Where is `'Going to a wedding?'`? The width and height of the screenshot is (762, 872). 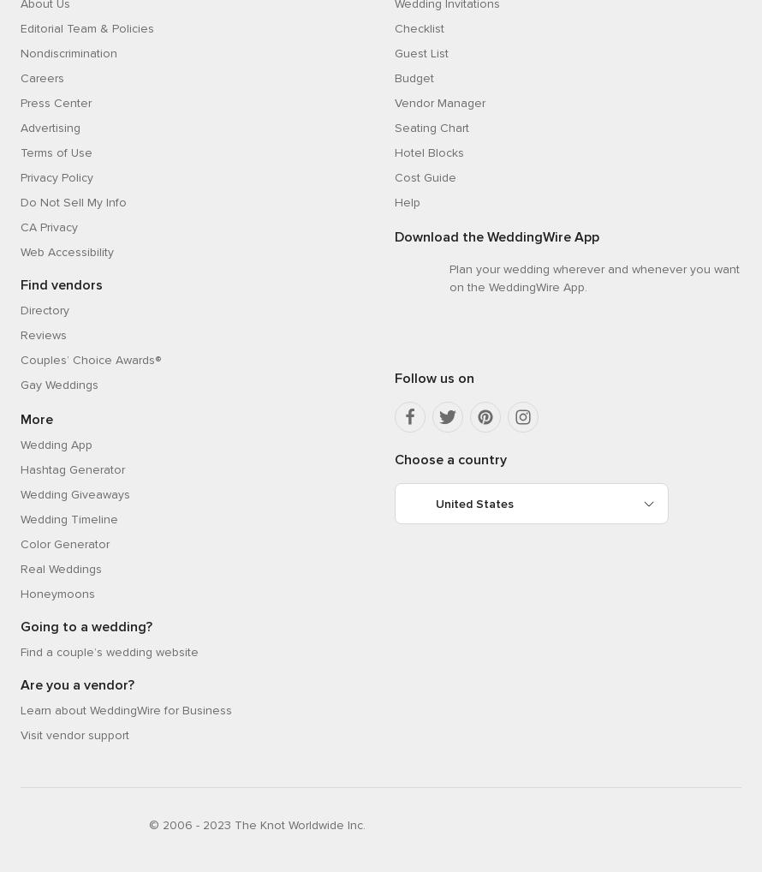 'Going to a wedding?' is located at coordinates (86, 625).